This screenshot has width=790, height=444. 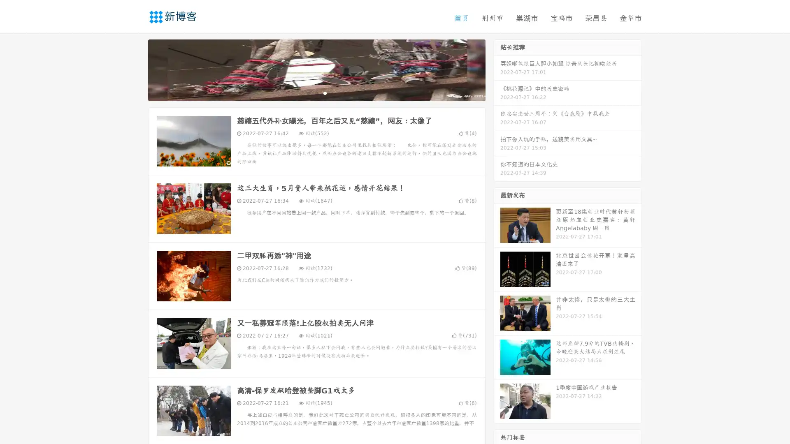 What do you see at coordinates (316, 92) in the screenshot?
I see `Go to slide 2` at bounding box center [316, 92].